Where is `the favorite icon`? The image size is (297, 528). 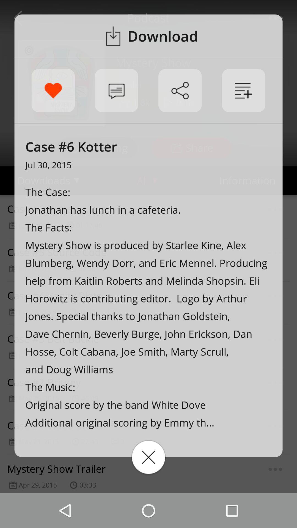
the favorite icon is located at coordinates (53, 97).